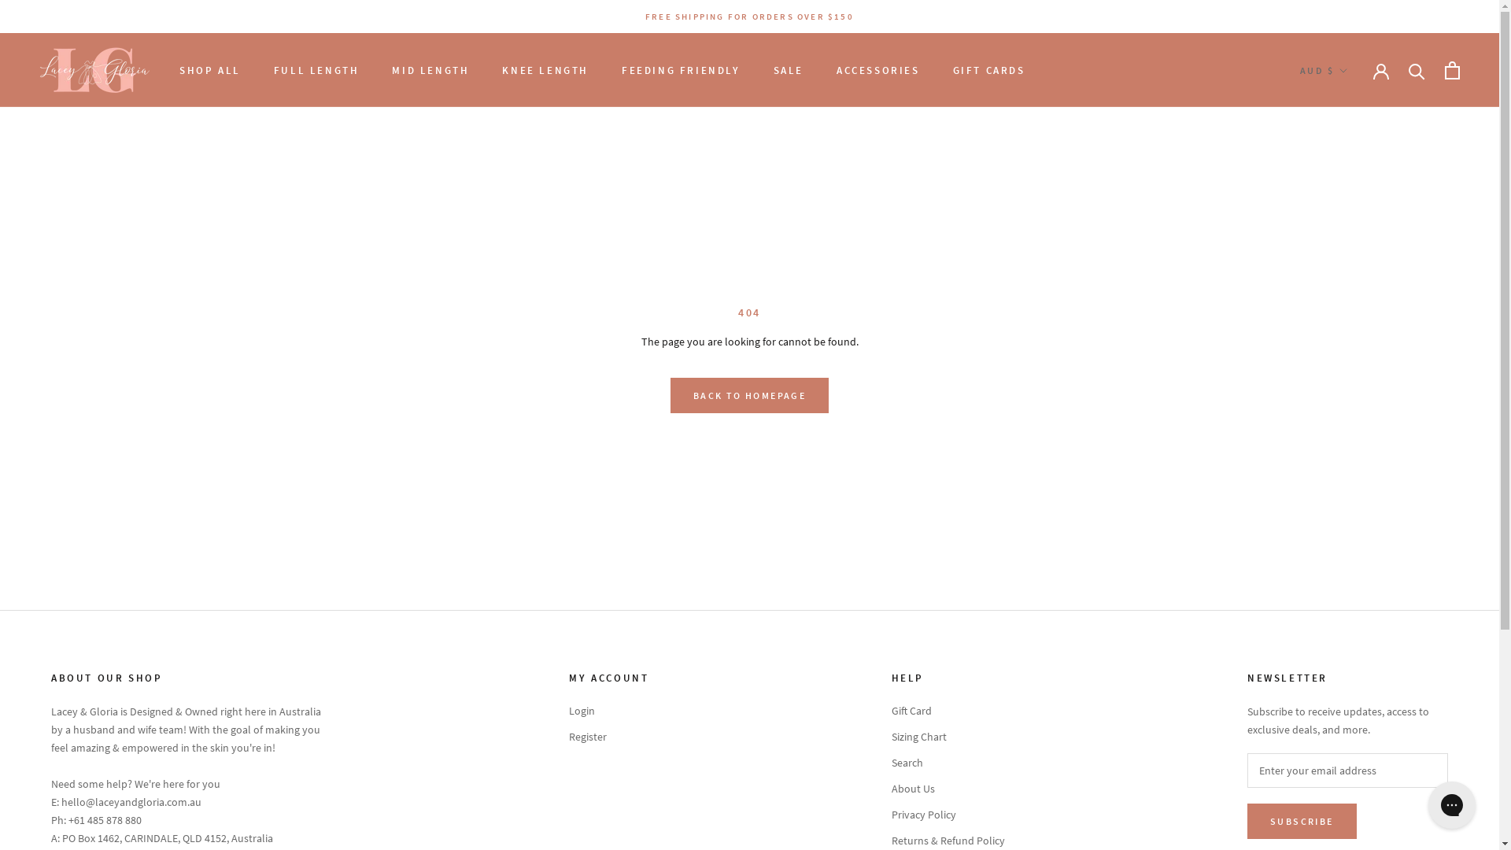 This screenshot has width=1511, height=850. Describe the element at coordinates (545, 69) in the screenshot. I see `'KNEE LENGTH` at that location.